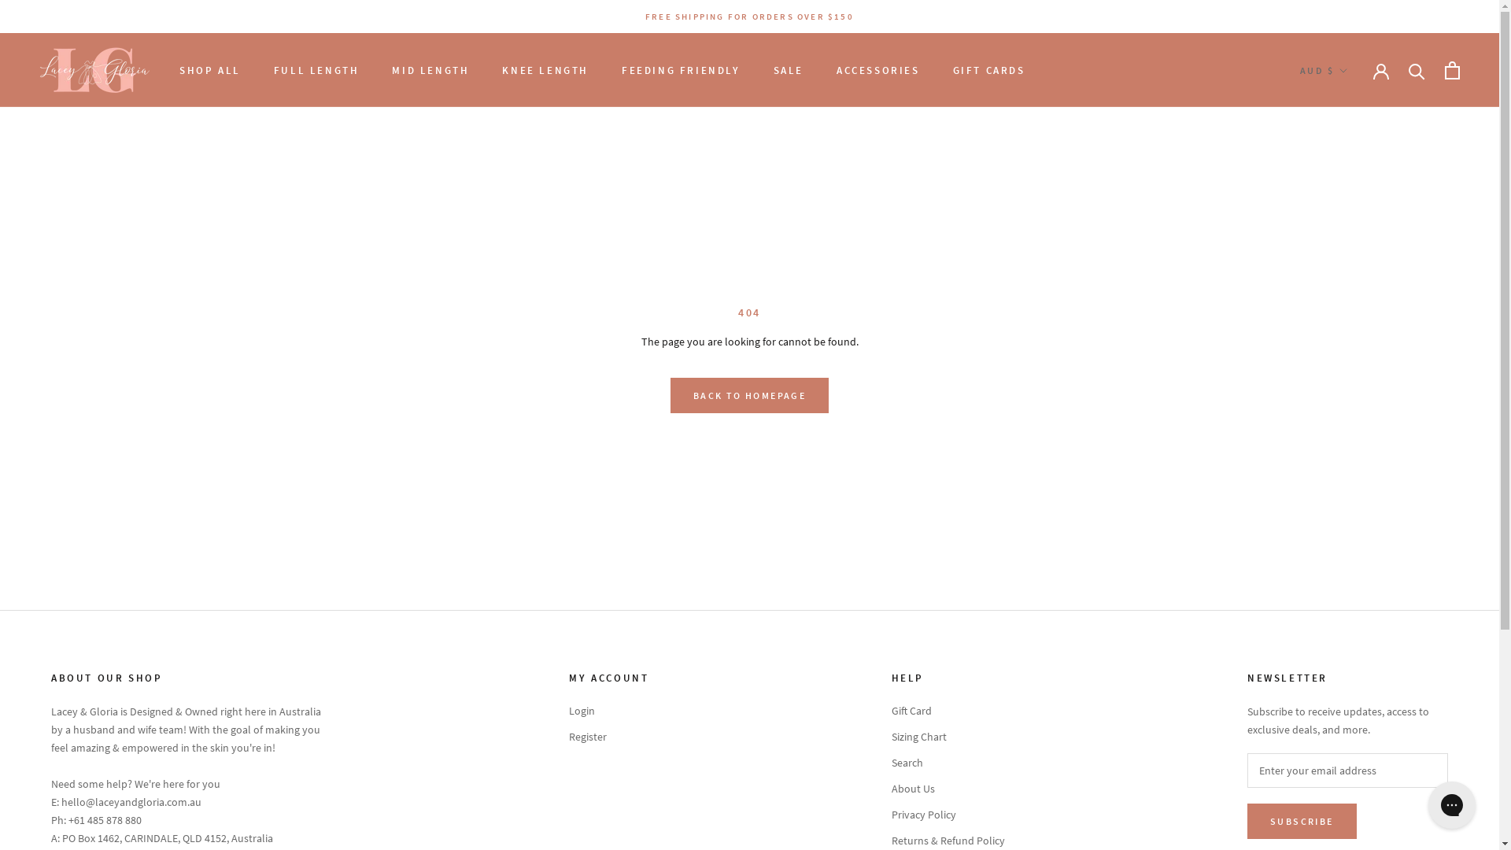 This screenshot has width=1511, height=850. Describe the element at coordinates (545, 69) in the screenshot. I see `'KNEE LENGTH` at that location.